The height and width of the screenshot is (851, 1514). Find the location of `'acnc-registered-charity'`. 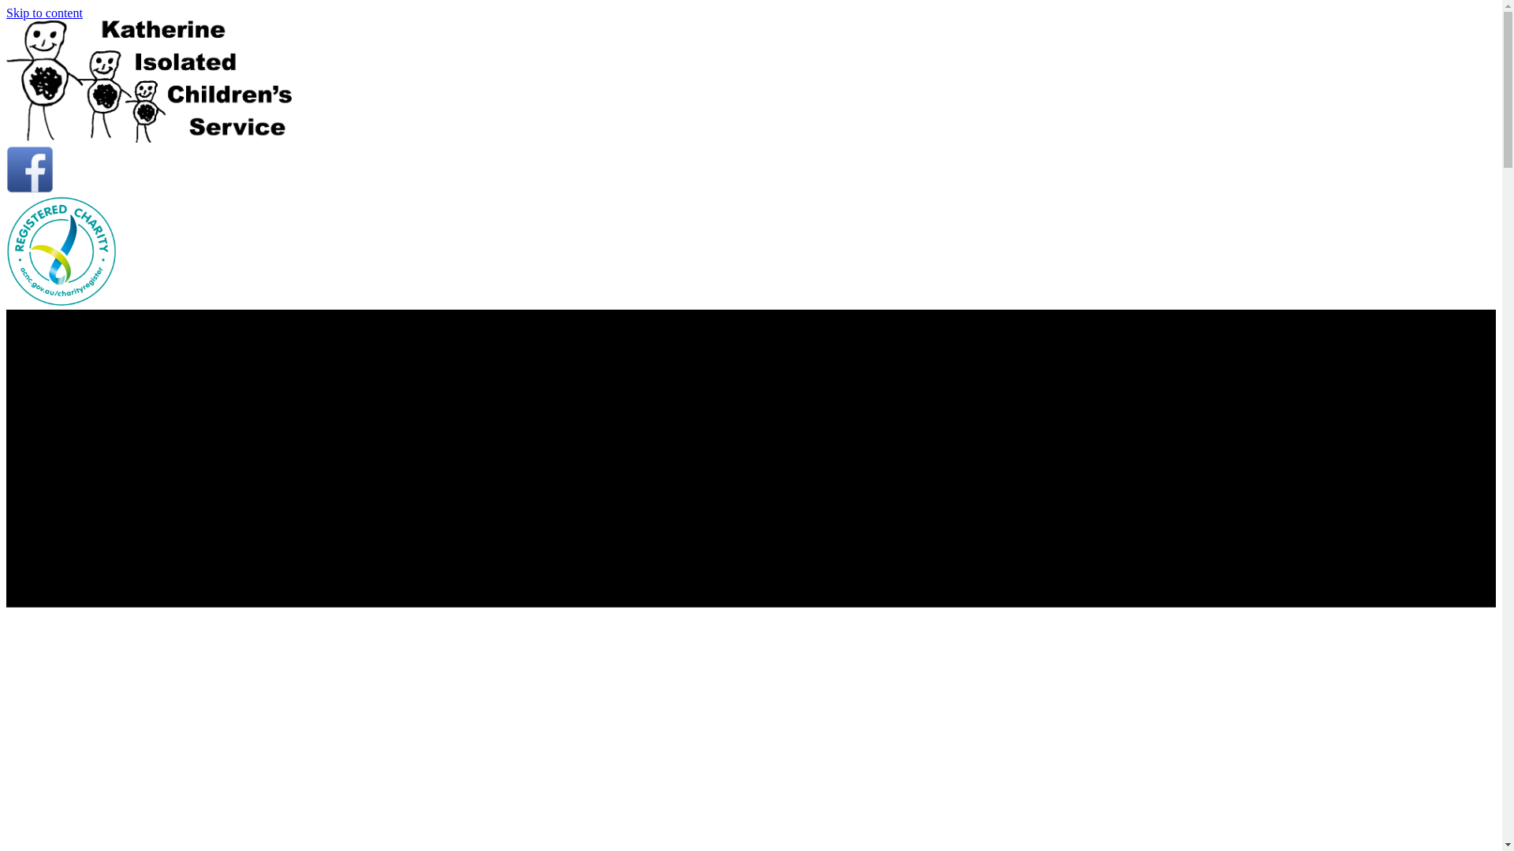

'acnc-registered-charity' is located at coordinates (61, 251).